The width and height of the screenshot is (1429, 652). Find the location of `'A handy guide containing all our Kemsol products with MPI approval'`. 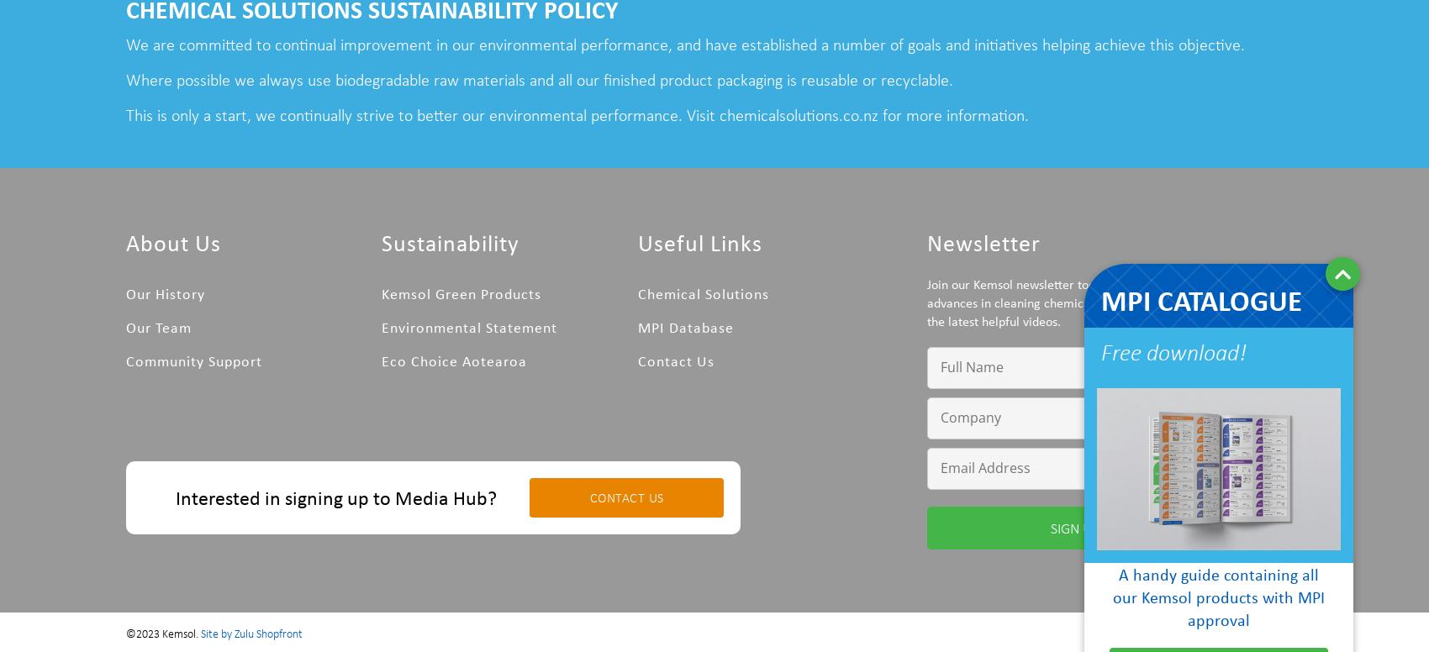

'A handy guide containing all our Kemsol products with MPI approval' is located at coordinates (1217, 597).